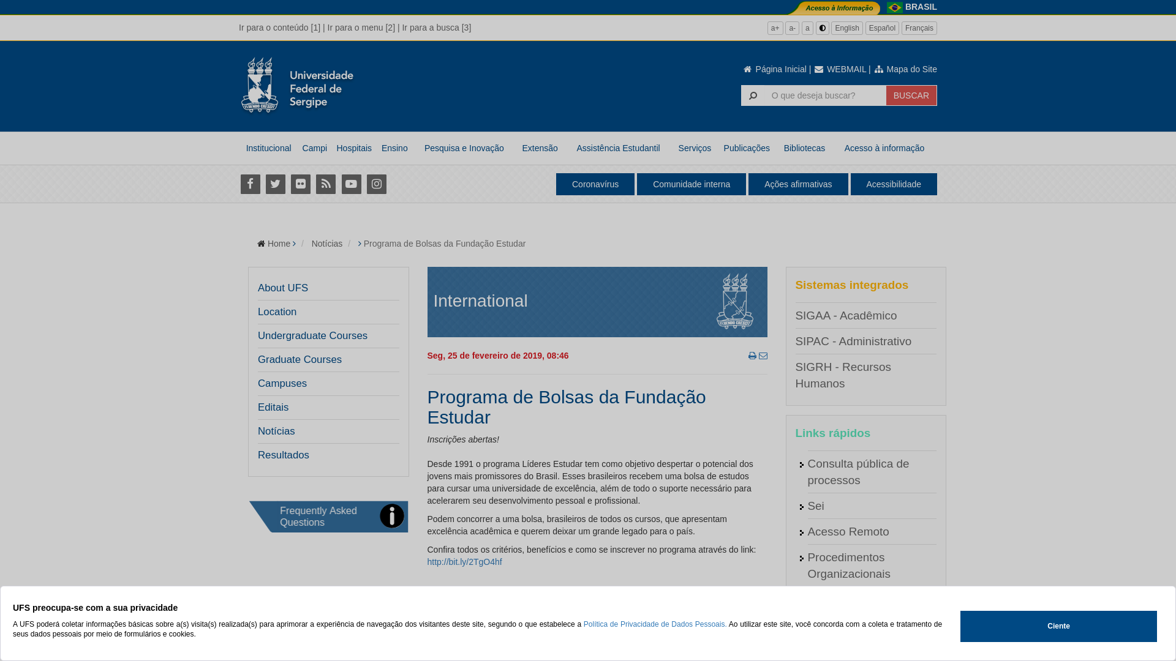 The image size is (1176, 661). Describe the element at coordinates (268, 148) in the screenshot. I see `'Institucional'` at that location.